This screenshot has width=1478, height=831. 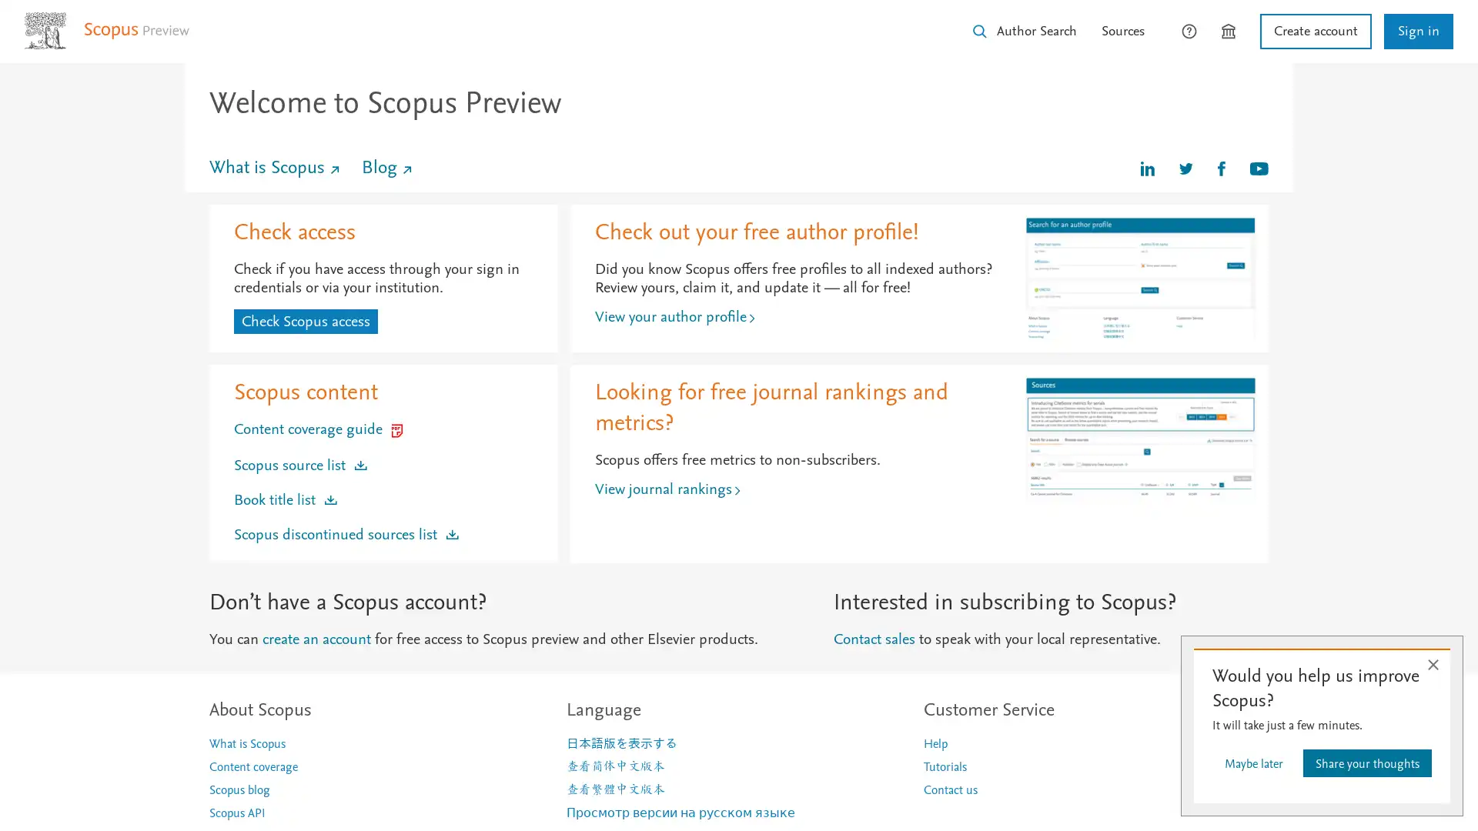 I want to click on Close, so click(x=1433, y=663).